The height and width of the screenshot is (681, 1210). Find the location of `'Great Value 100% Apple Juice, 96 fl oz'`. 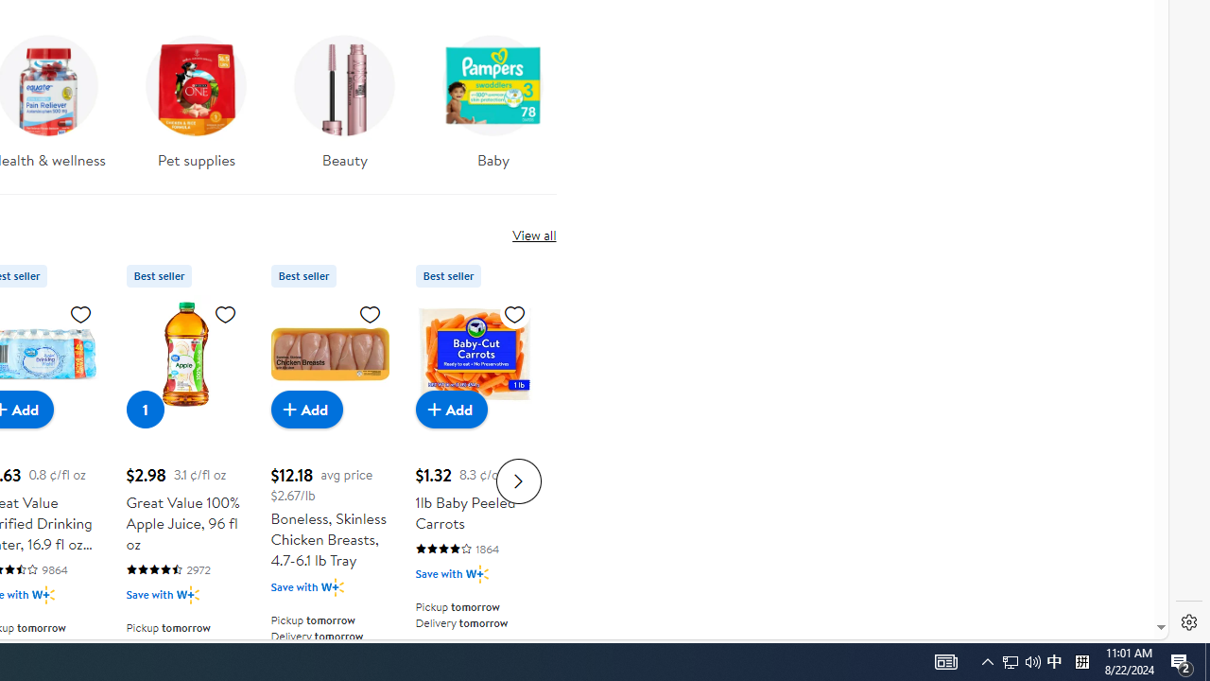

'Great Value 100% Apple Juice, 96 fl oz' is located at coordinates (184, 354).